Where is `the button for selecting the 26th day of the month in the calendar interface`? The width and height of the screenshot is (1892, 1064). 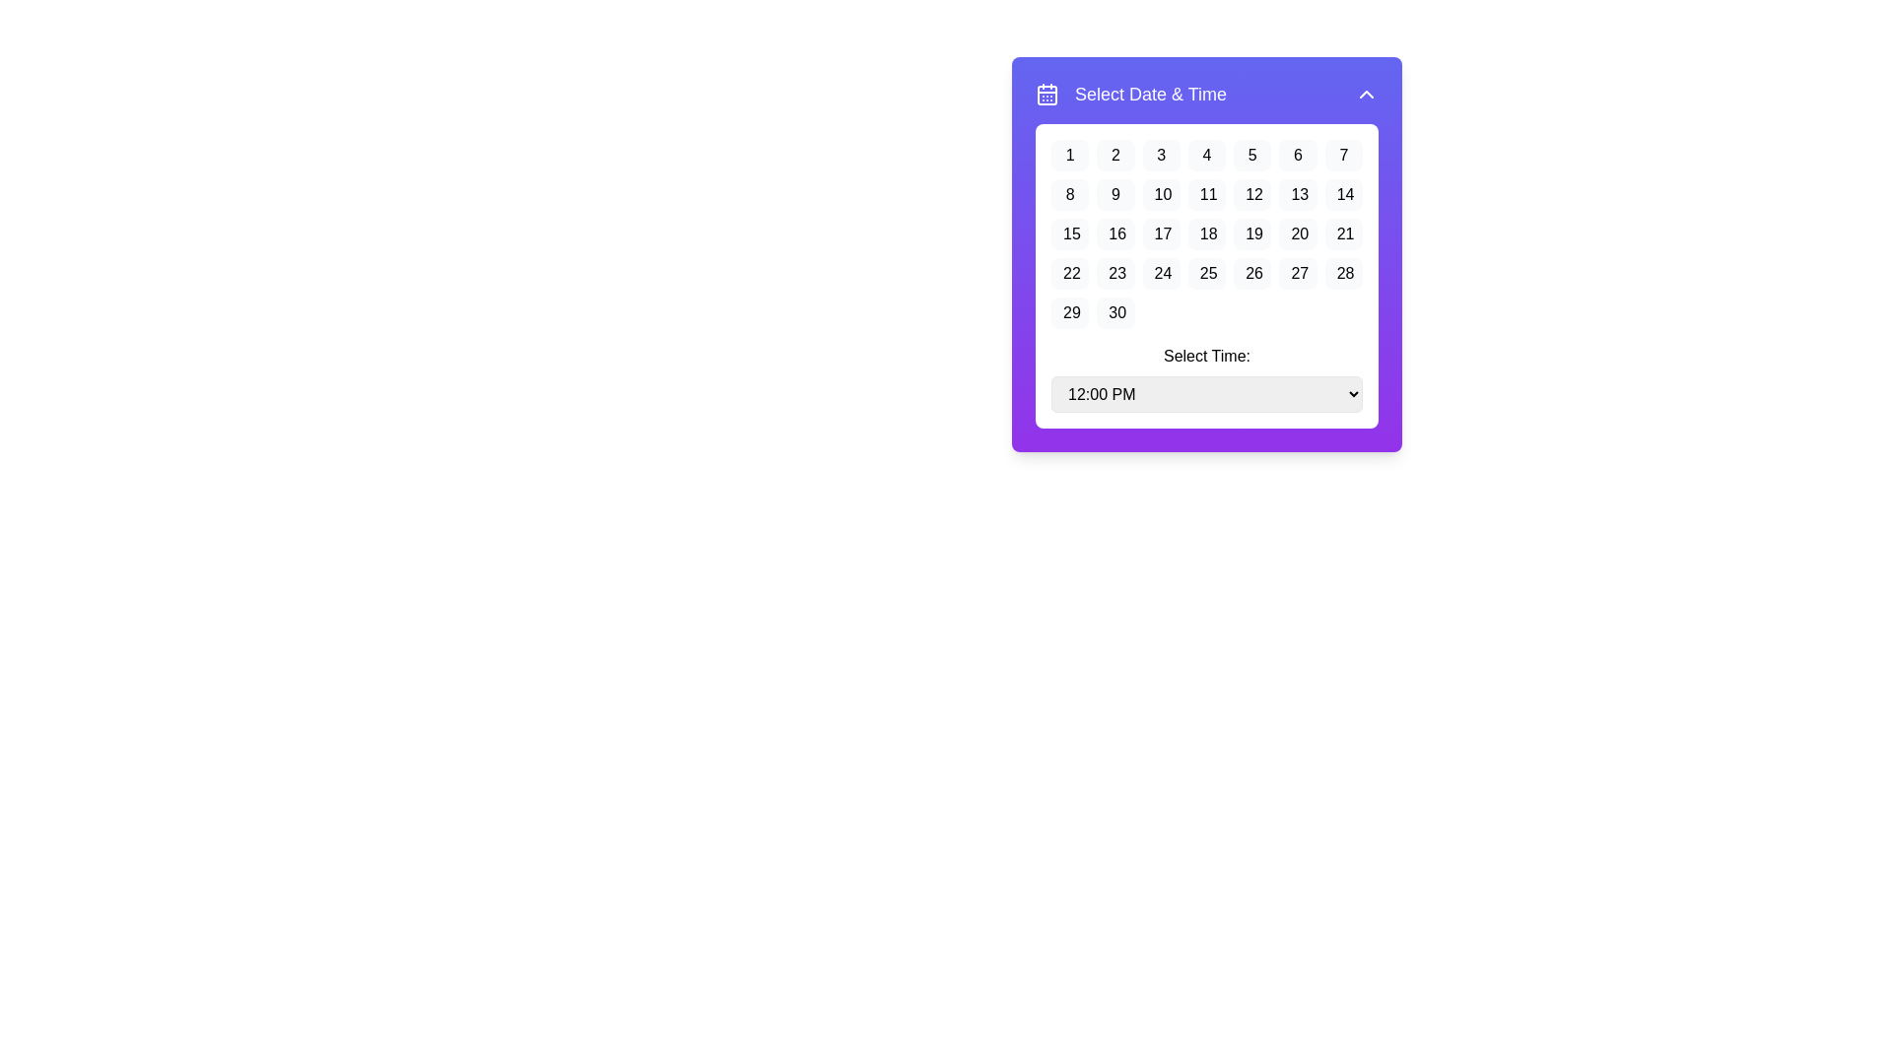
the button for selecting the 26th day of the month in the calendar interface is located at coordinates (1251, 273).